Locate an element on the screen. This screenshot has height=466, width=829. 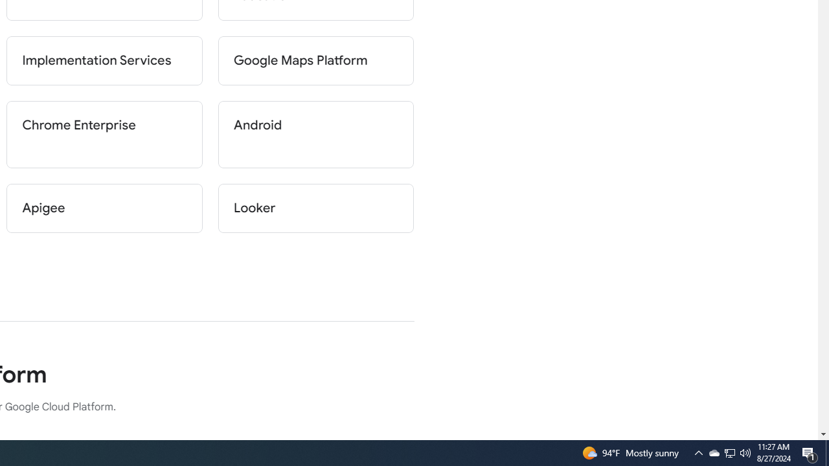
'Android' is located at coordinates (315, 135).